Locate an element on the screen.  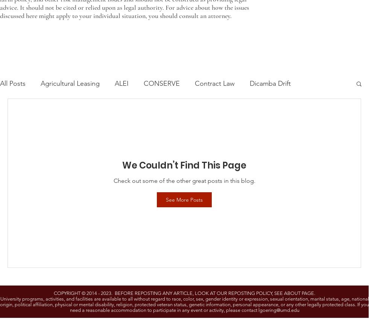
'COPYRIGHT © 2014 - 2023.  BEFORE REPOSTING ANY ARTICLE, LOOK AT OUR REPOSTING POLICY, SEE ABOUT PAGE.' is located at coordinates (53, 293).